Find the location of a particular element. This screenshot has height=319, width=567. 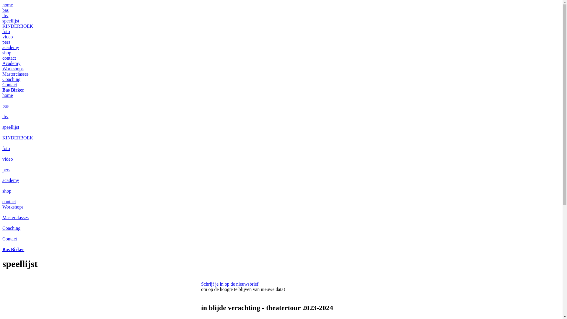

'Workshops' is located at coordinates (13, 68).